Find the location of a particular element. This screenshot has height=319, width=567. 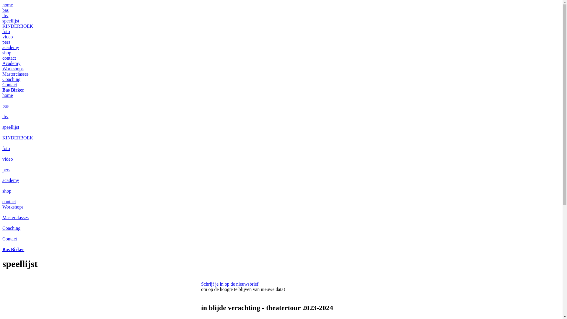

'Workshops' is located at coordinates (13, 68).